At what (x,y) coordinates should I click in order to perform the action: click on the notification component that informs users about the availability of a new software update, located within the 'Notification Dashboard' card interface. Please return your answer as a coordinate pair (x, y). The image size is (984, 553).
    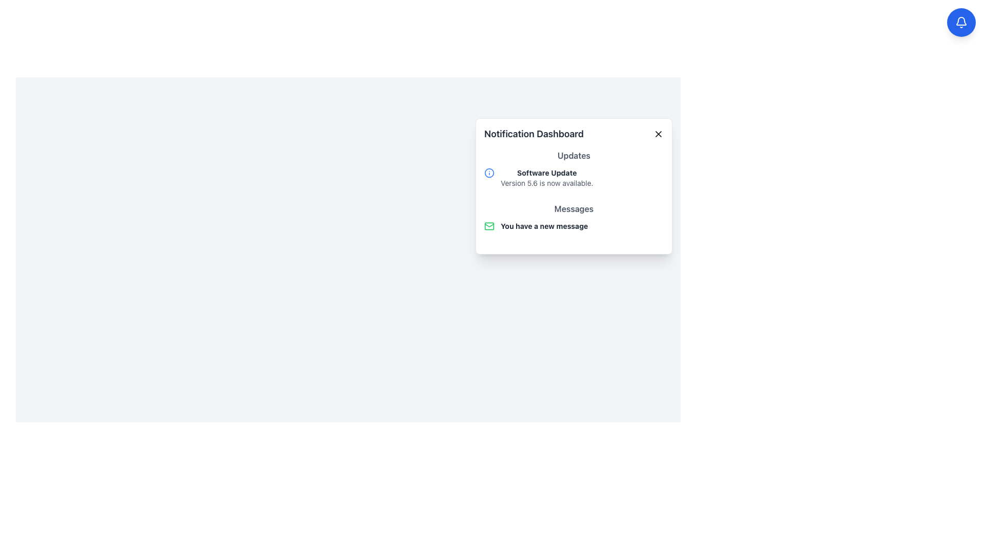
    Looking at the image, I should click on (573, 171).